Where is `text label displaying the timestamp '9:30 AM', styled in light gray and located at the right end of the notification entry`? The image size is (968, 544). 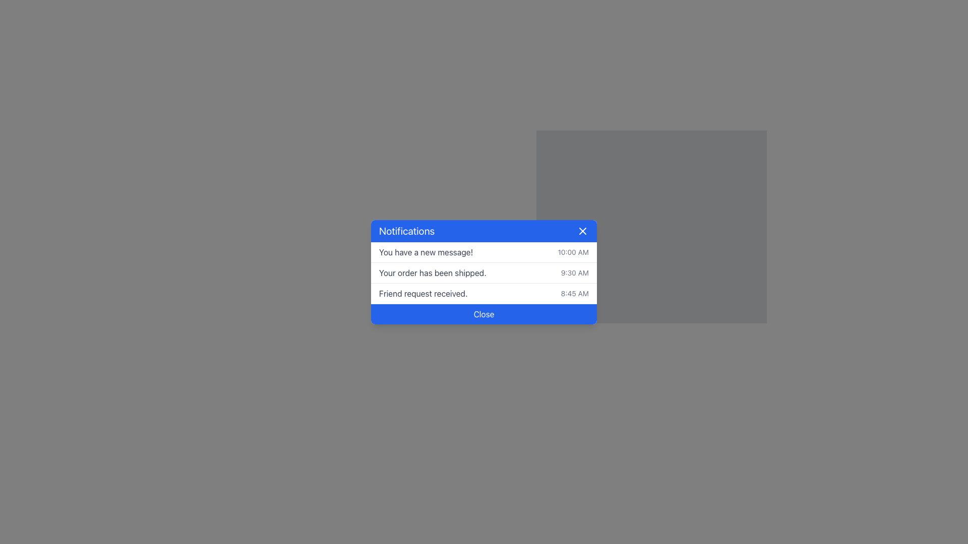 text label displaying the timestamp '9:30 AM', styled in light gray and located at the right end of the notification entry is located at coordinates (575, 273).